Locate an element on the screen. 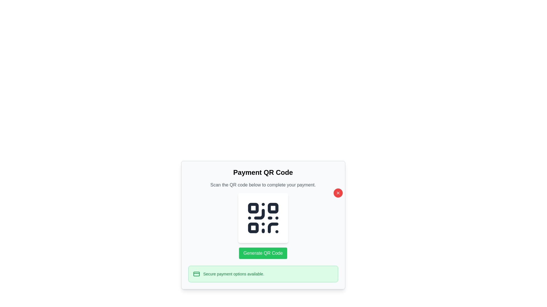 The image size is (547, 307). the Information box that informs the user about secure payment options, located at the bottom of the 'Payment QR Code' modal dialog, below the 'Generate QR Code' button is located at coordinates (263, 274).